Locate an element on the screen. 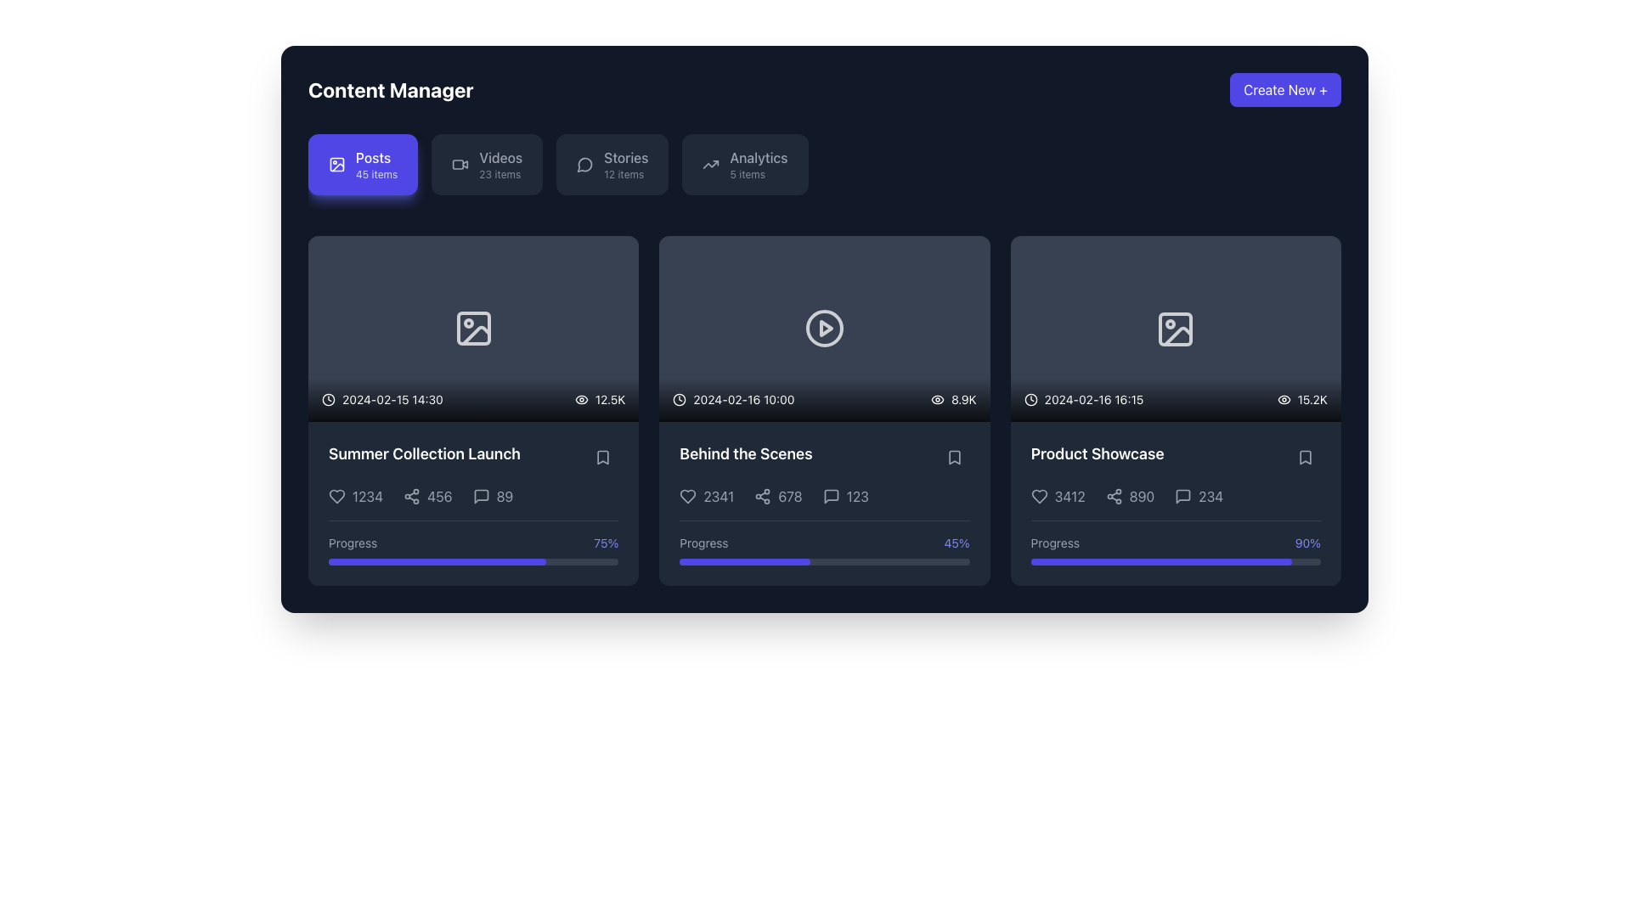  the sharing icon located in the 'Product Showcase' content card, which is the second icon from the left in the row of icons below the image and above the progress bar is located at coordinates (1114, 497).